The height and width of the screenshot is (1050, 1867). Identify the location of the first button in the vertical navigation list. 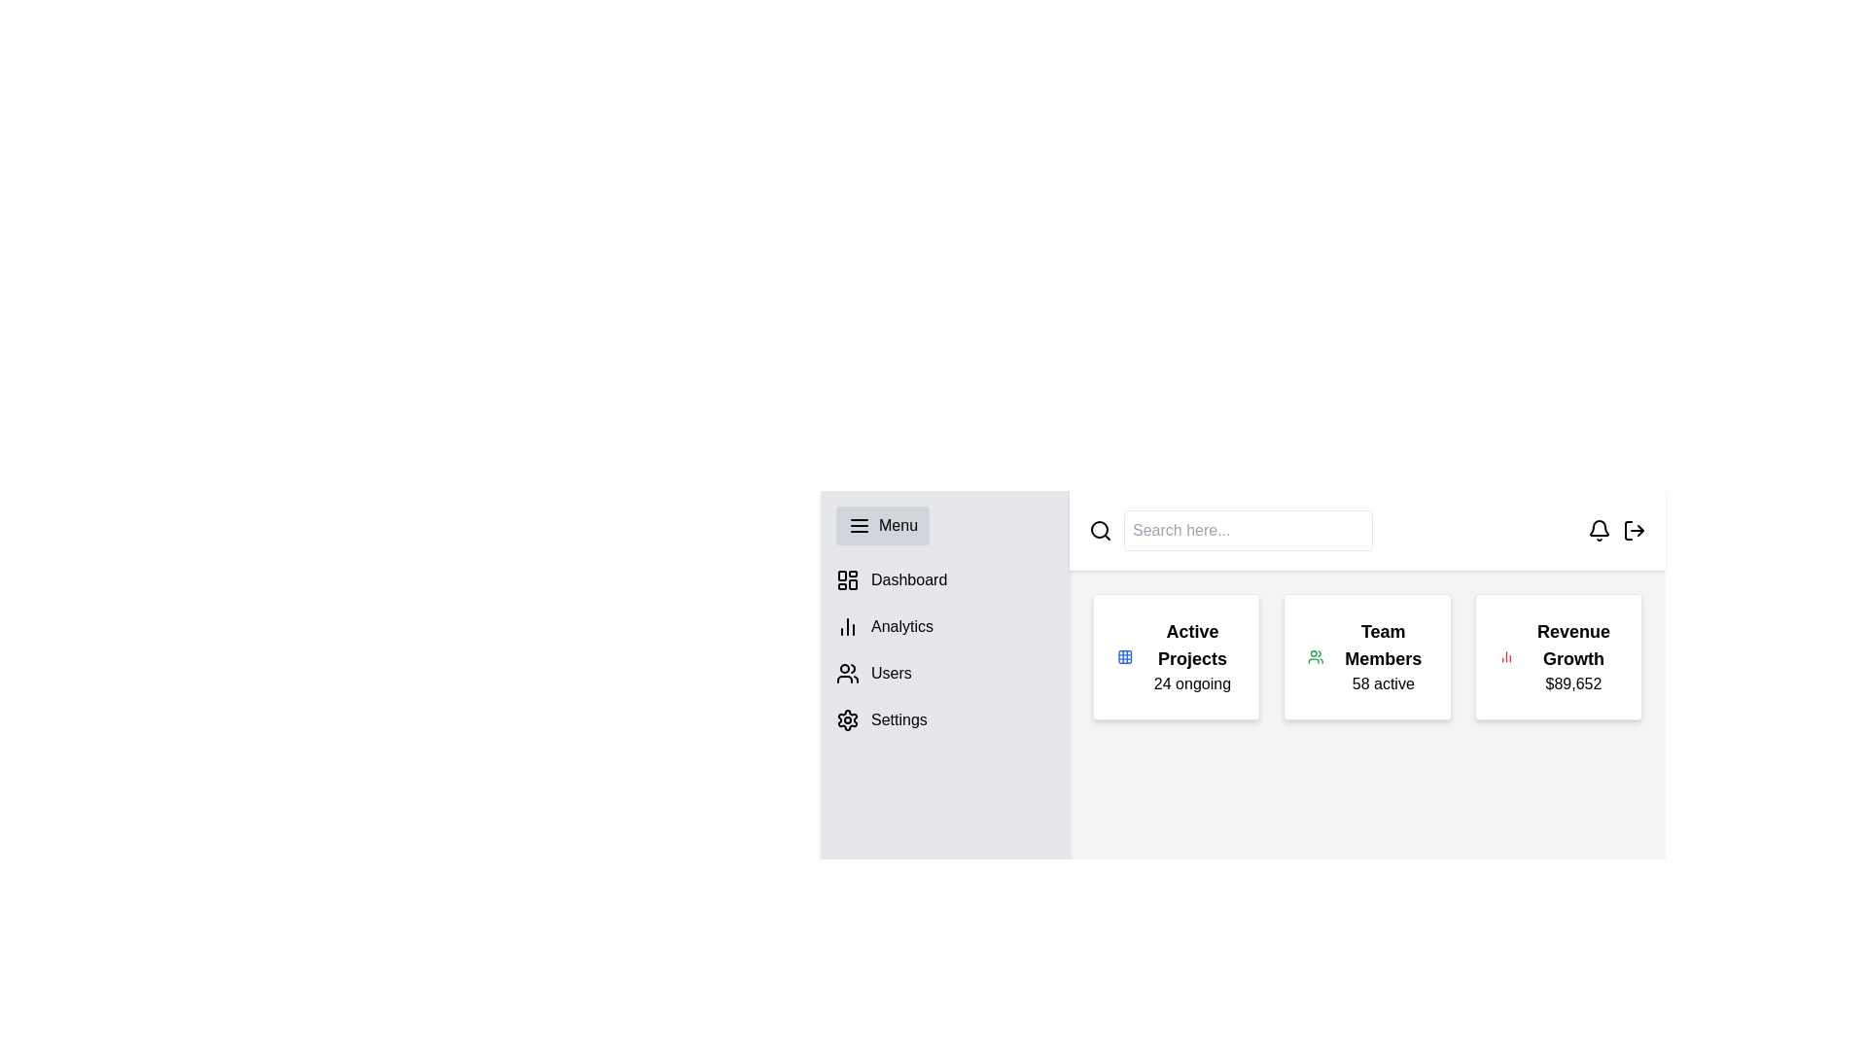
(944, 579).